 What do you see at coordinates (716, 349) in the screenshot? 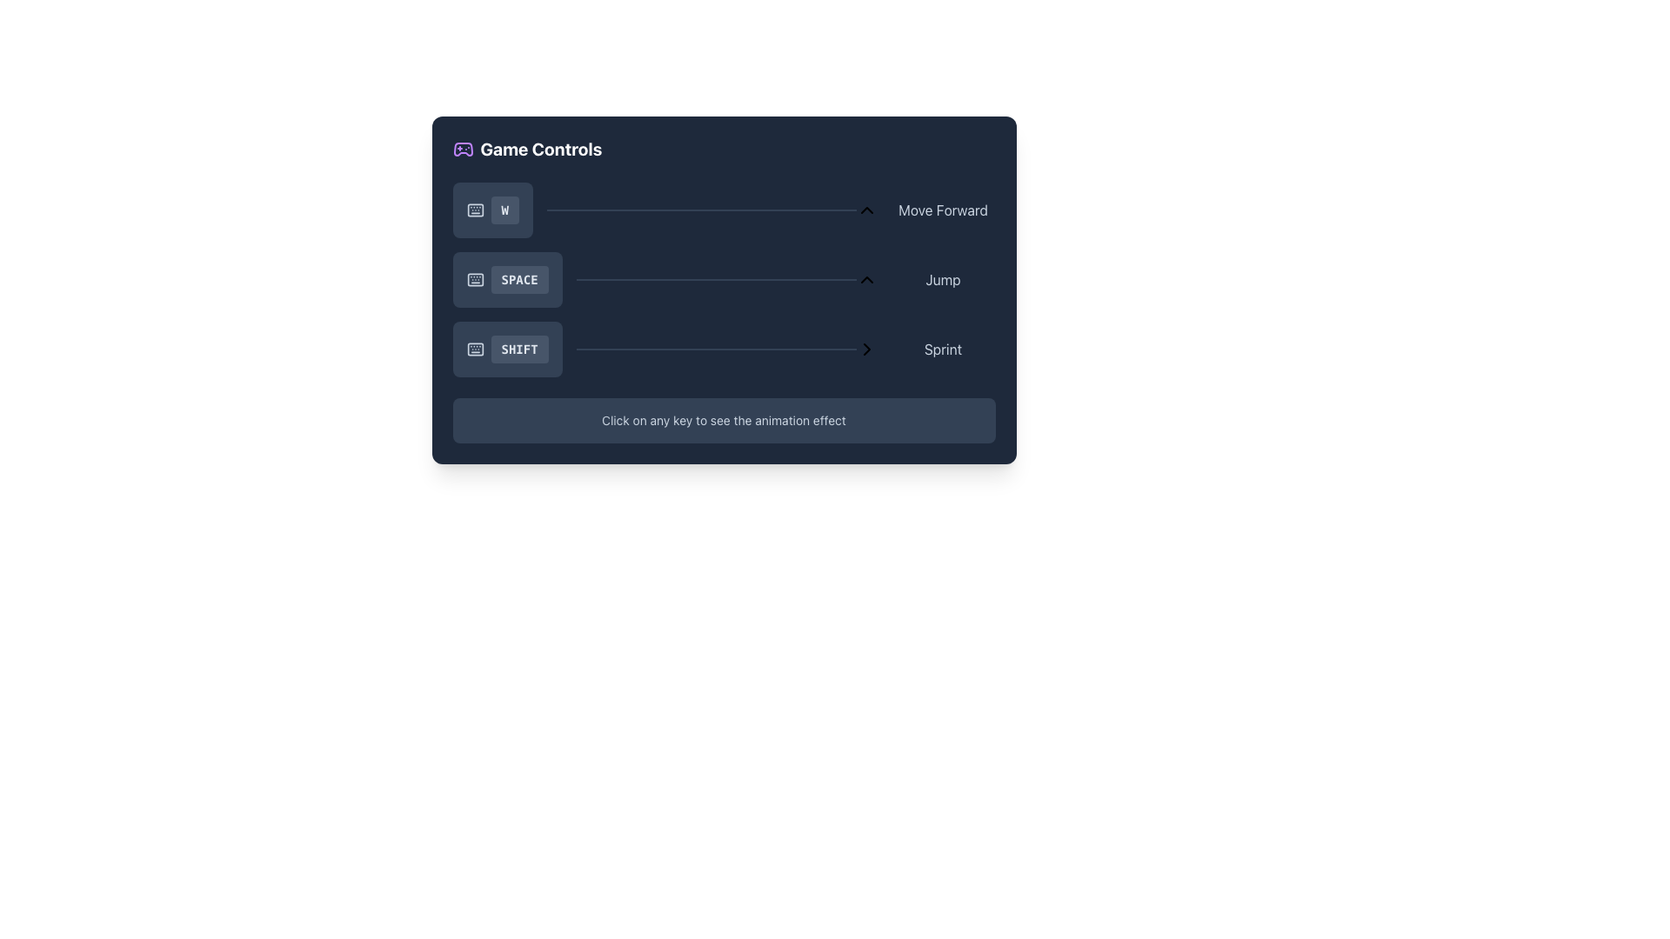
I see `the primary progress bar that indicates the duration or intensity of the 'Sprint' functionality associated with the 'SHIFT' key, positioned horizontally in the middle section of the interface` at bounding box center [716, 349].